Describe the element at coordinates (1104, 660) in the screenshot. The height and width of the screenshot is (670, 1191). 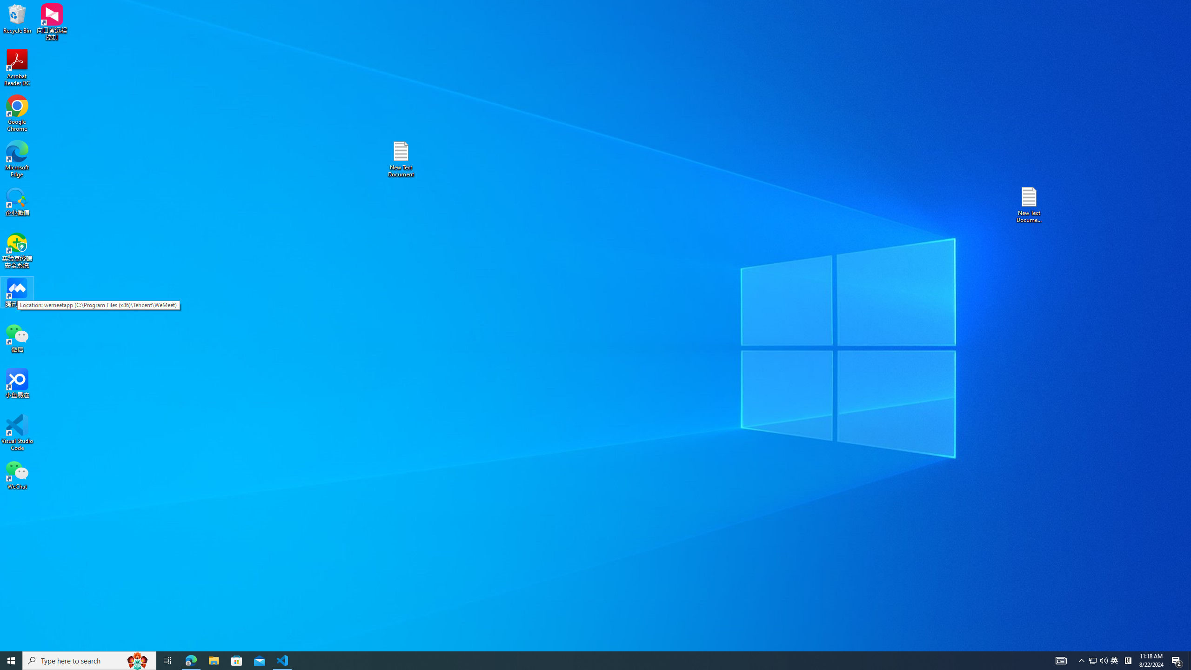
I see `'Q2790: 100%'` at that location.